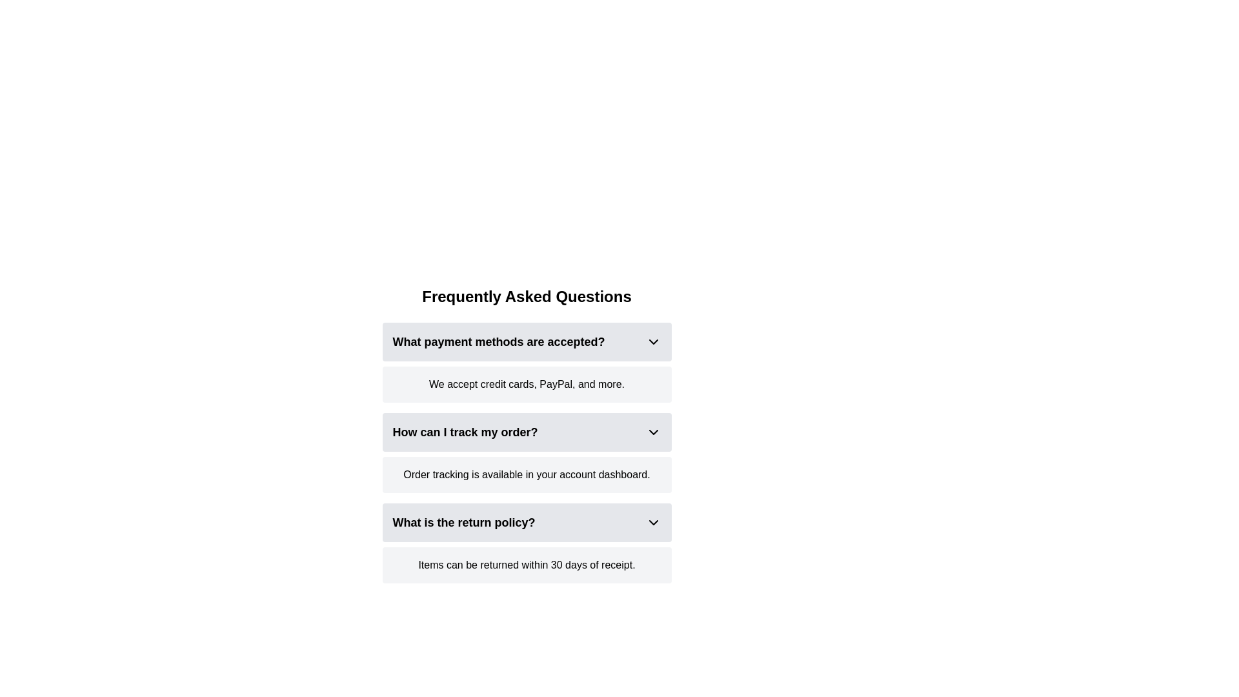 This screenshot has width=1239, height=697. What do you see at coordinates (653, 523) in the screenshot?
I see `the downward-facing chevron icon located on the right side of the 'What is the return policy?' question in the FAQ section` at bounding box center [653, 523].